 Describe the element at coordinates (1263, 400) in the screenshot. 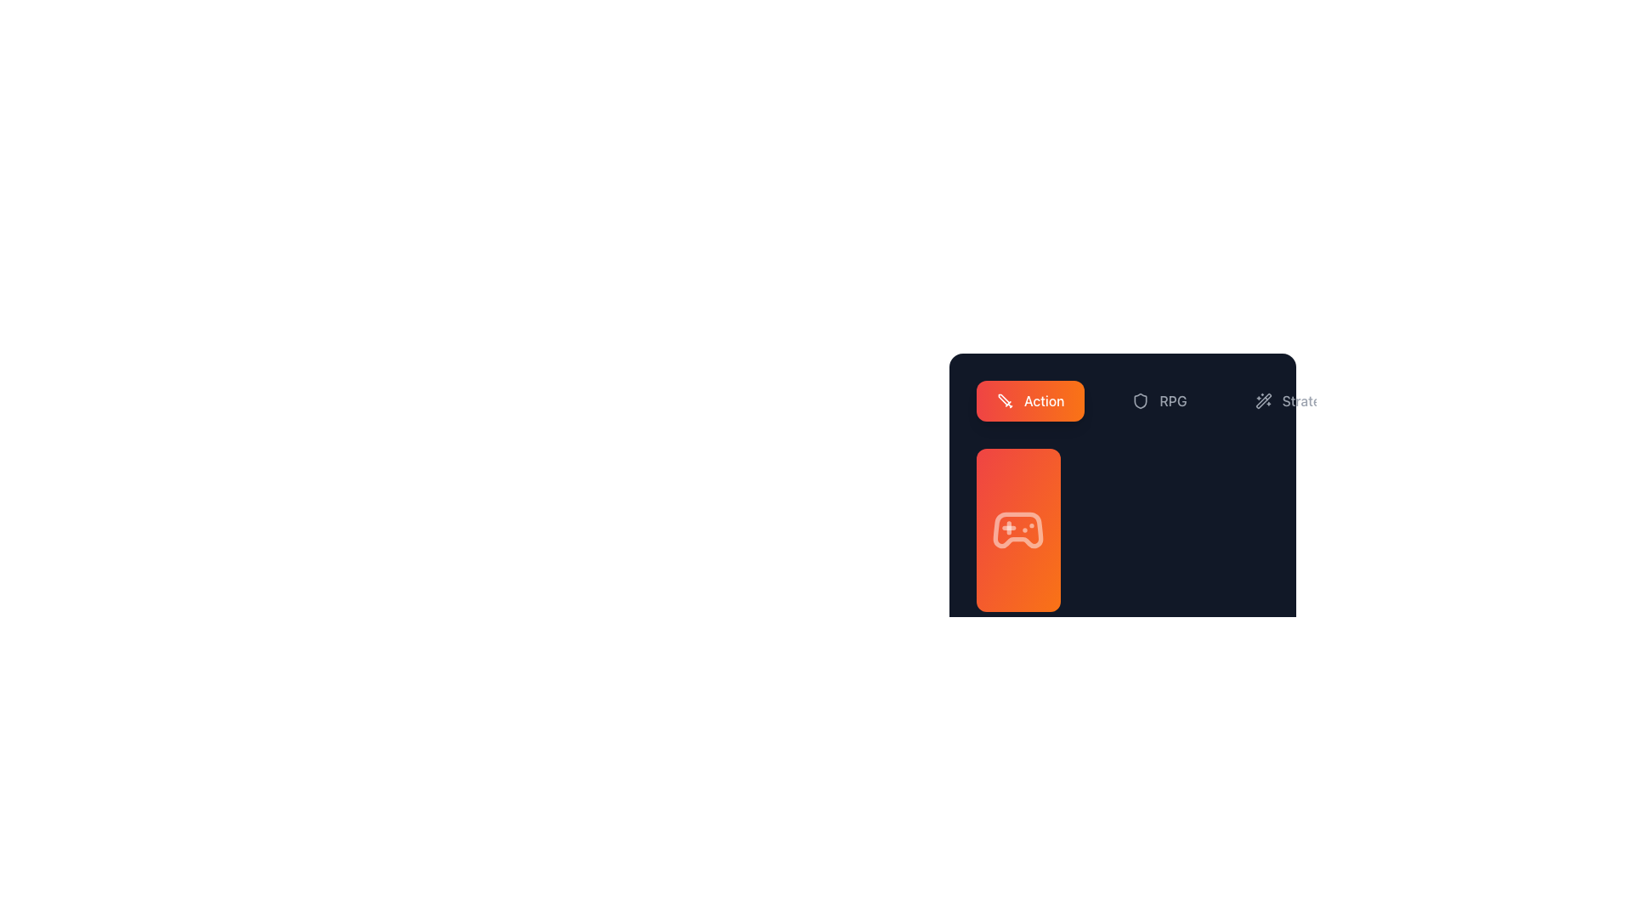

I see `the decorative wand icon located between the 'Action' button and the 'RPG' and 'Strategy' labels` at that location.